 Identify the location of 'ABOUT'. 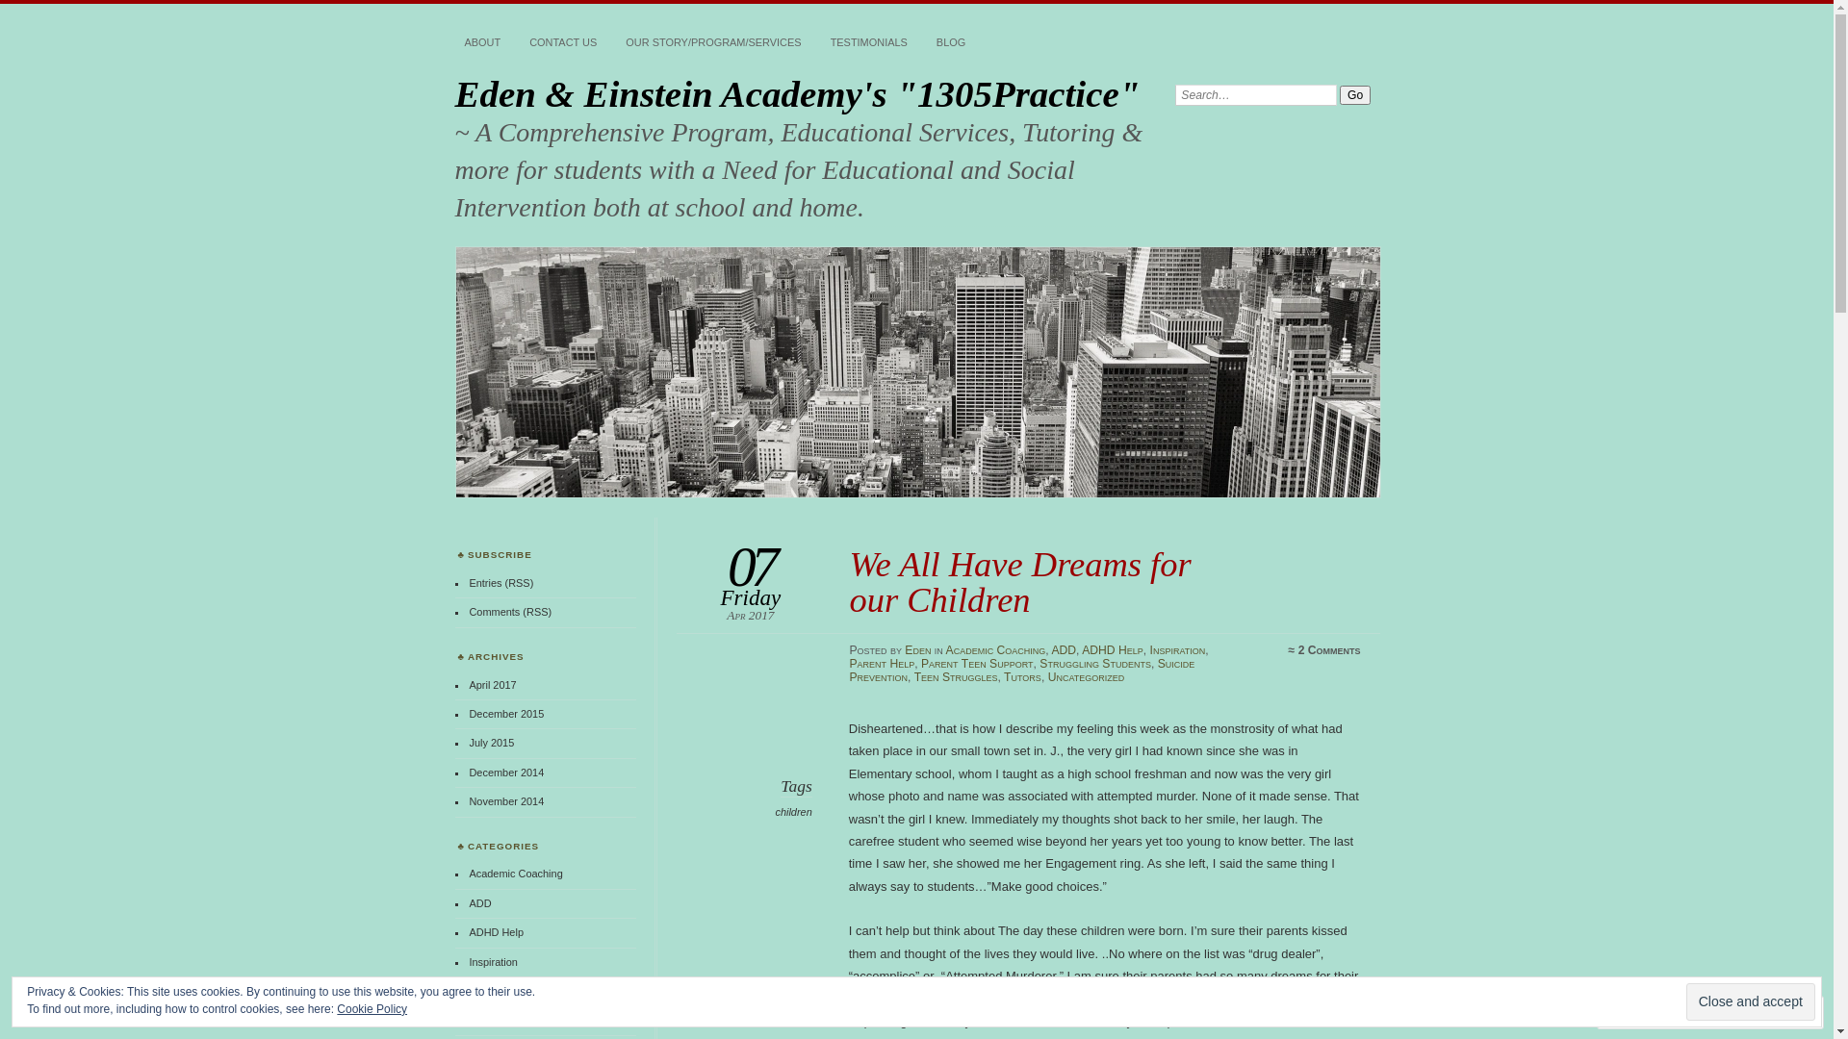
(481, 43).